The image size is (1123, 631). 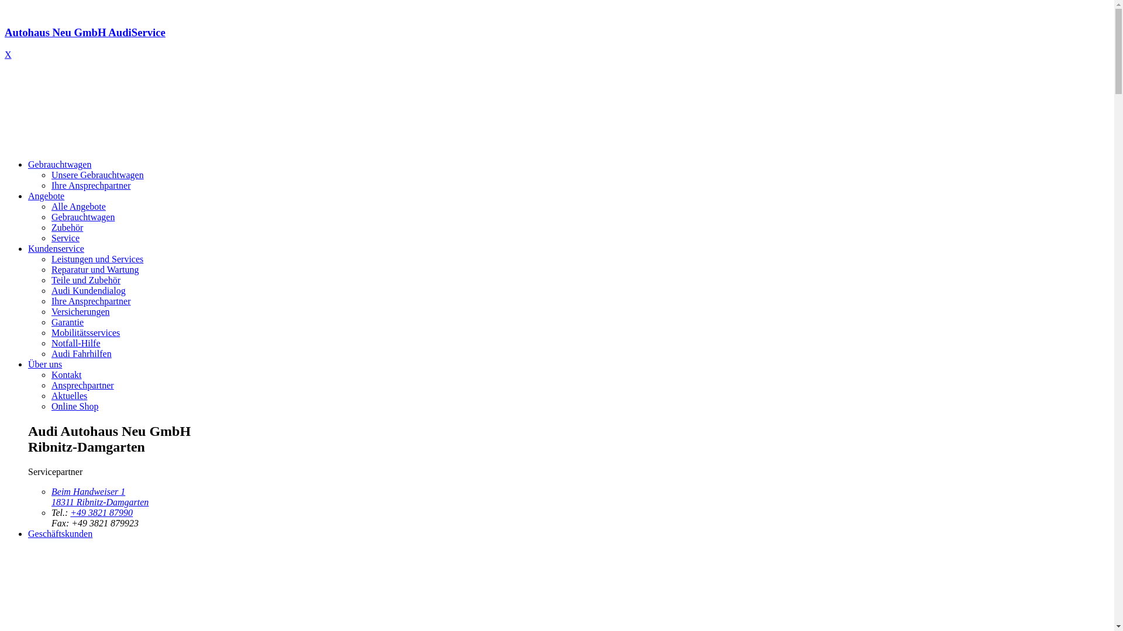 What do you see at coordinates (68, 395) in the screenshot?
I see `'Aktuelles'` at bounding box center [68, 395].